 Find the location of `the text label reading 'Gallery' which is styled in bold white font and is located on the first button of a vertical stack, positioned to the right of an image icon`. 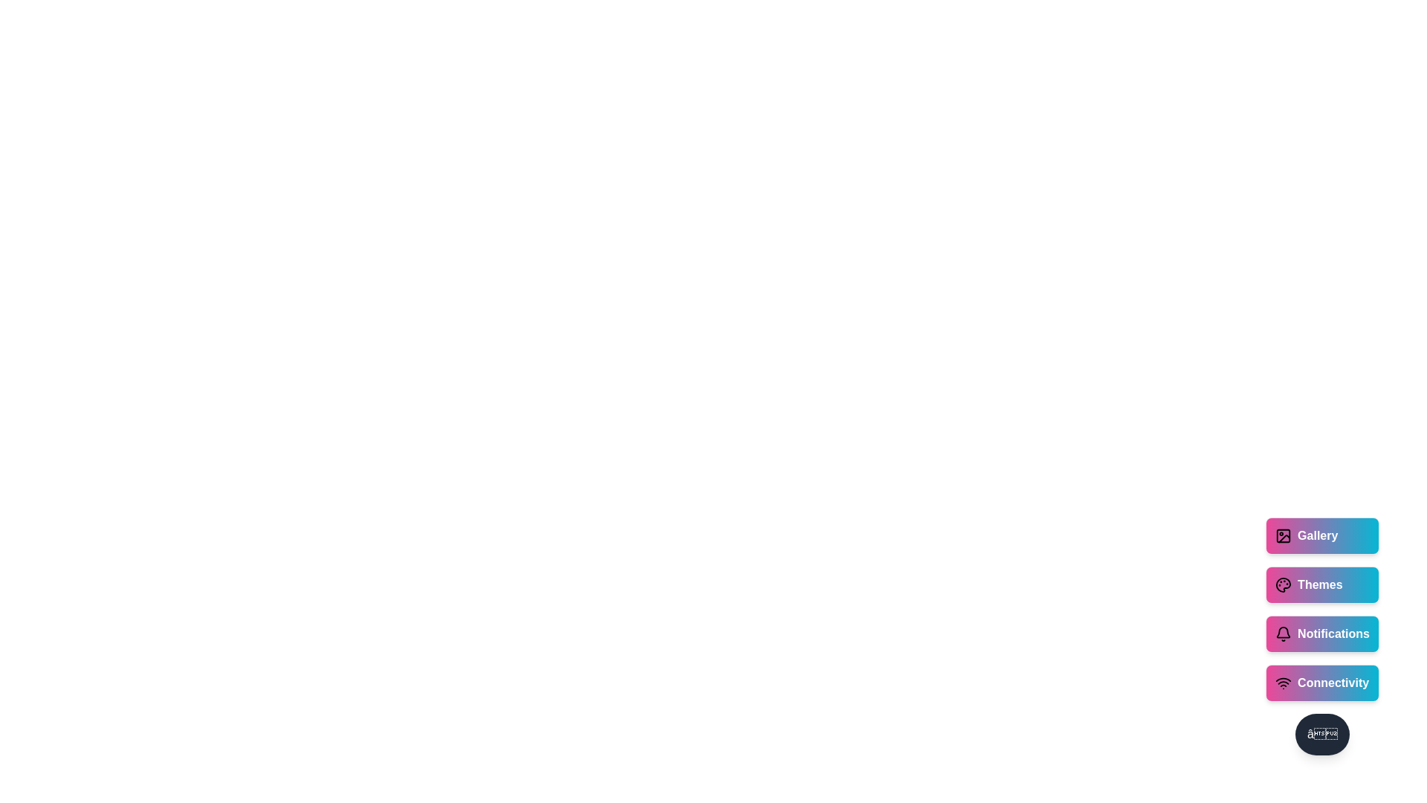

the text label reading 'Gallery' which is styled in bold white font and is located on the first button of a vertical stack, positioned to the right of an image icon is located at coordinates (1318, 536).